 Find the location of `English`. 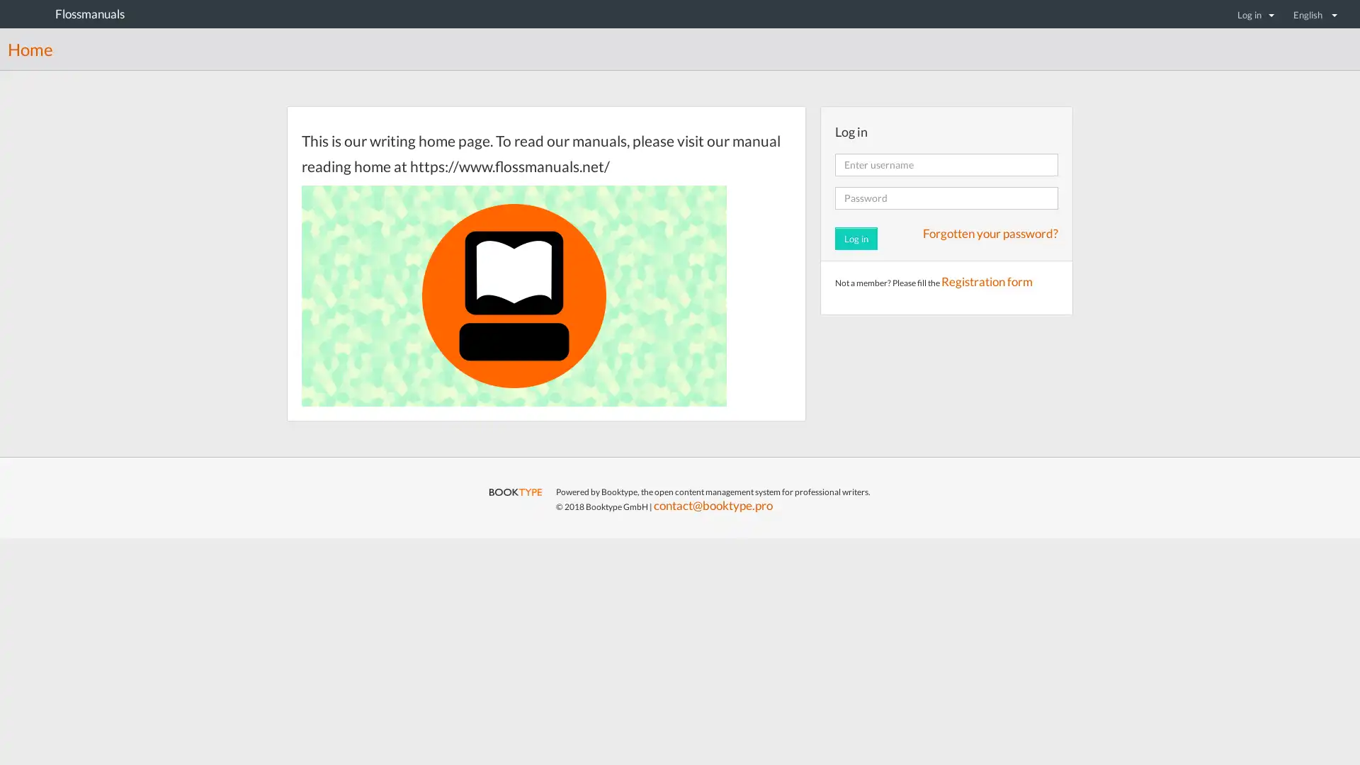

English is located at coordinates (1315, 14).